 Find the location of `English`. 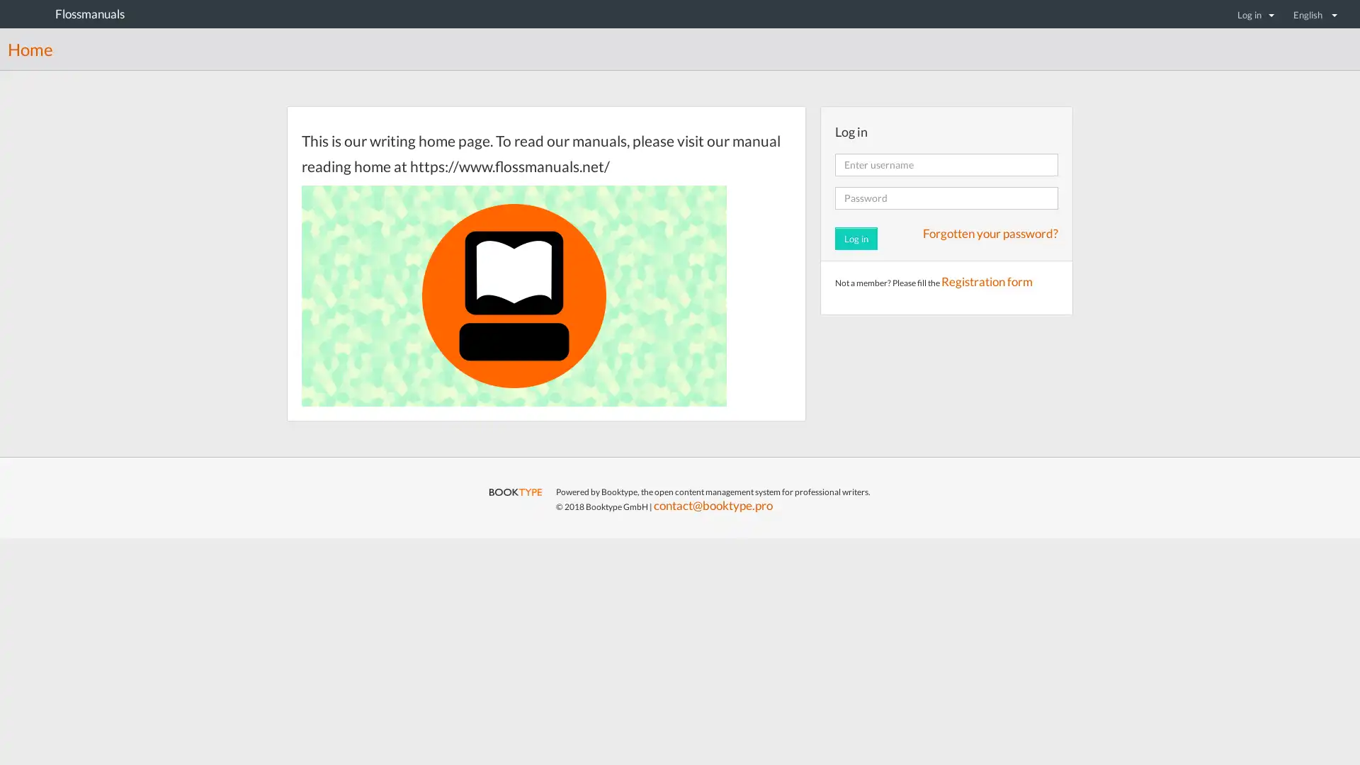

English is located at coordinates (1315, 14).